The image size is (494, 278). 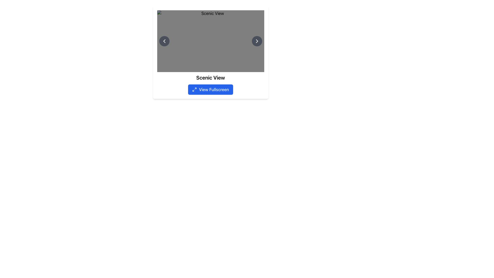 I want to click on the Text Label that serves as a title or descriptive label for the content, located below the main image and directly above the blue 'View Fullscreen' button, so click(x=210, y=77).